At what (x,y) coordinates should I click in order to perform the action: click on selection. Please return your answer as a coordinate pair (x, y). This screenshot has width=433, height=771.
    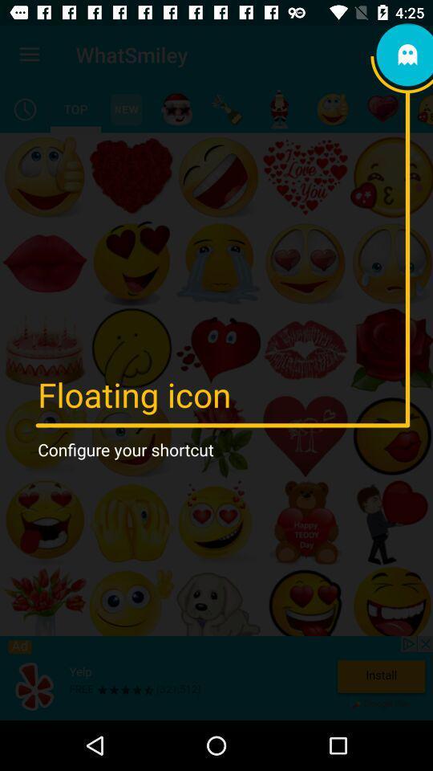
    Looking at the image, I should click on (75, 108).